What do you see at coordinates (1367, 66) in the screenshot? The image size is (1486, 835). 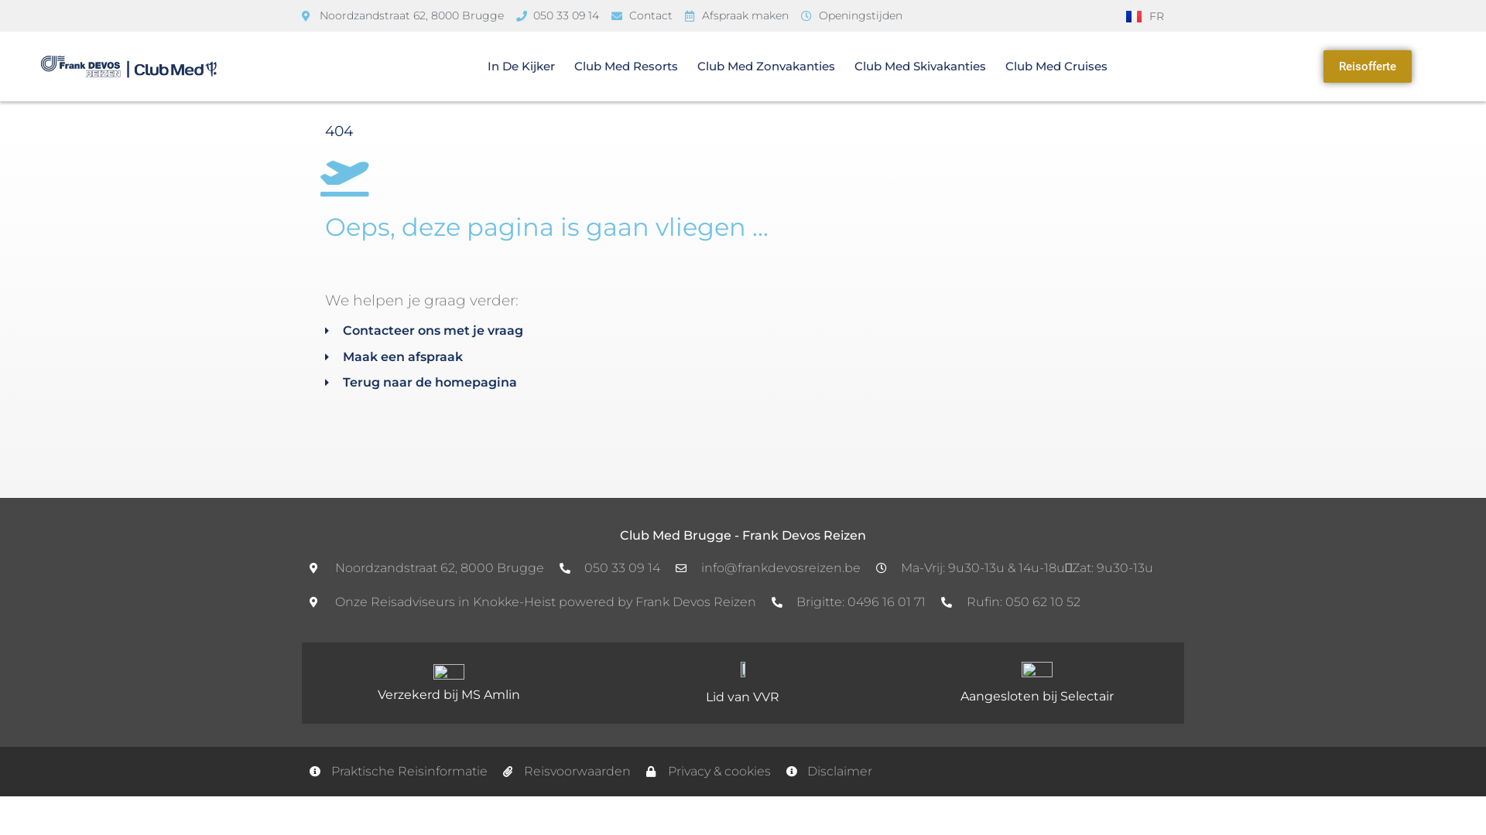 I see `'Reisofferte'` at bounding box center [1367, 66].